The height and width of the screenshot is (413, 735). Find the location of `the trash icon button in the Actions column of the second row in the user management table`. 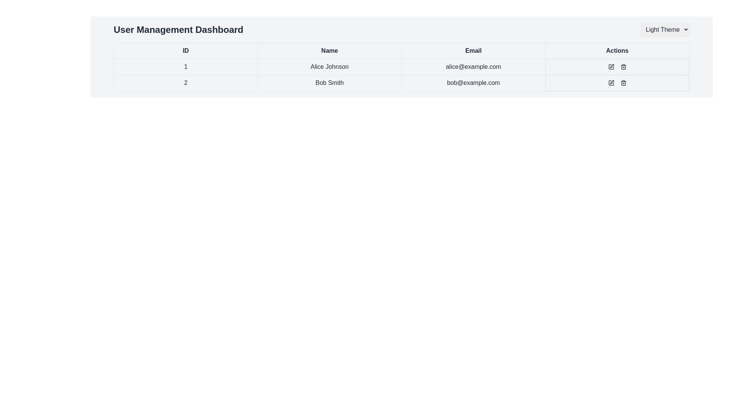

the trash icon button in the Actions column of the second row in the user management table is located at coordinates (623, 83).